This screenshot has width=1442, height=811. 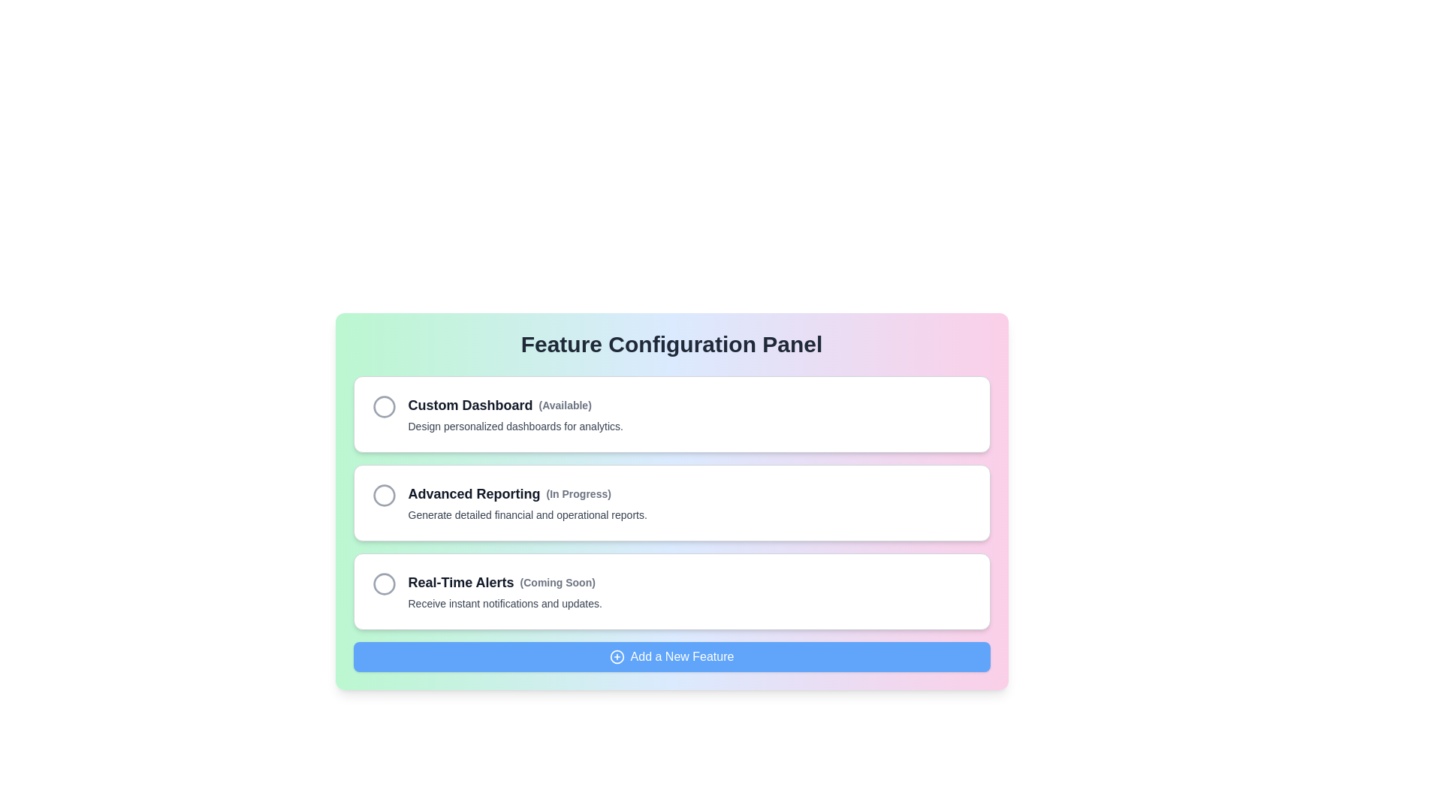 What do you see at coordinates (671, 656) in the screenshot?
I see `the 'Add a New Feature' button` at bounding box center [671, 656].